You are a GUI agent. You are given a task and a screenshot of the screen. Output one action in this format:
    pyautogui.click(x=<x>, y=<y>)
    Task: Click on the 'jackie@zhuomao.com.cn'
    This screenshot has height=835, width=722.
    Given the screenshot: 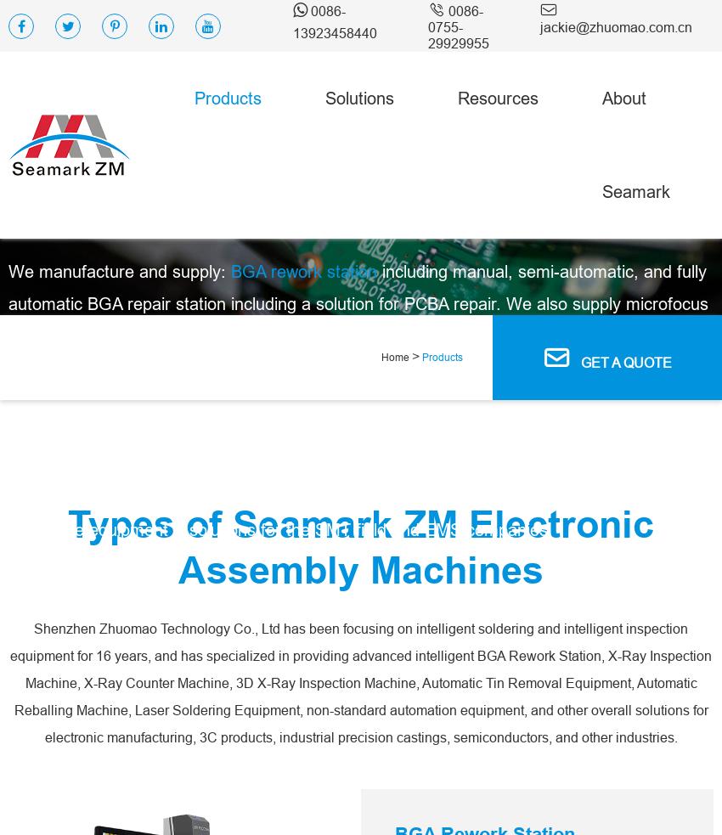 What is the action you would take?
    pyautogui.click(x=616, y=26)
    